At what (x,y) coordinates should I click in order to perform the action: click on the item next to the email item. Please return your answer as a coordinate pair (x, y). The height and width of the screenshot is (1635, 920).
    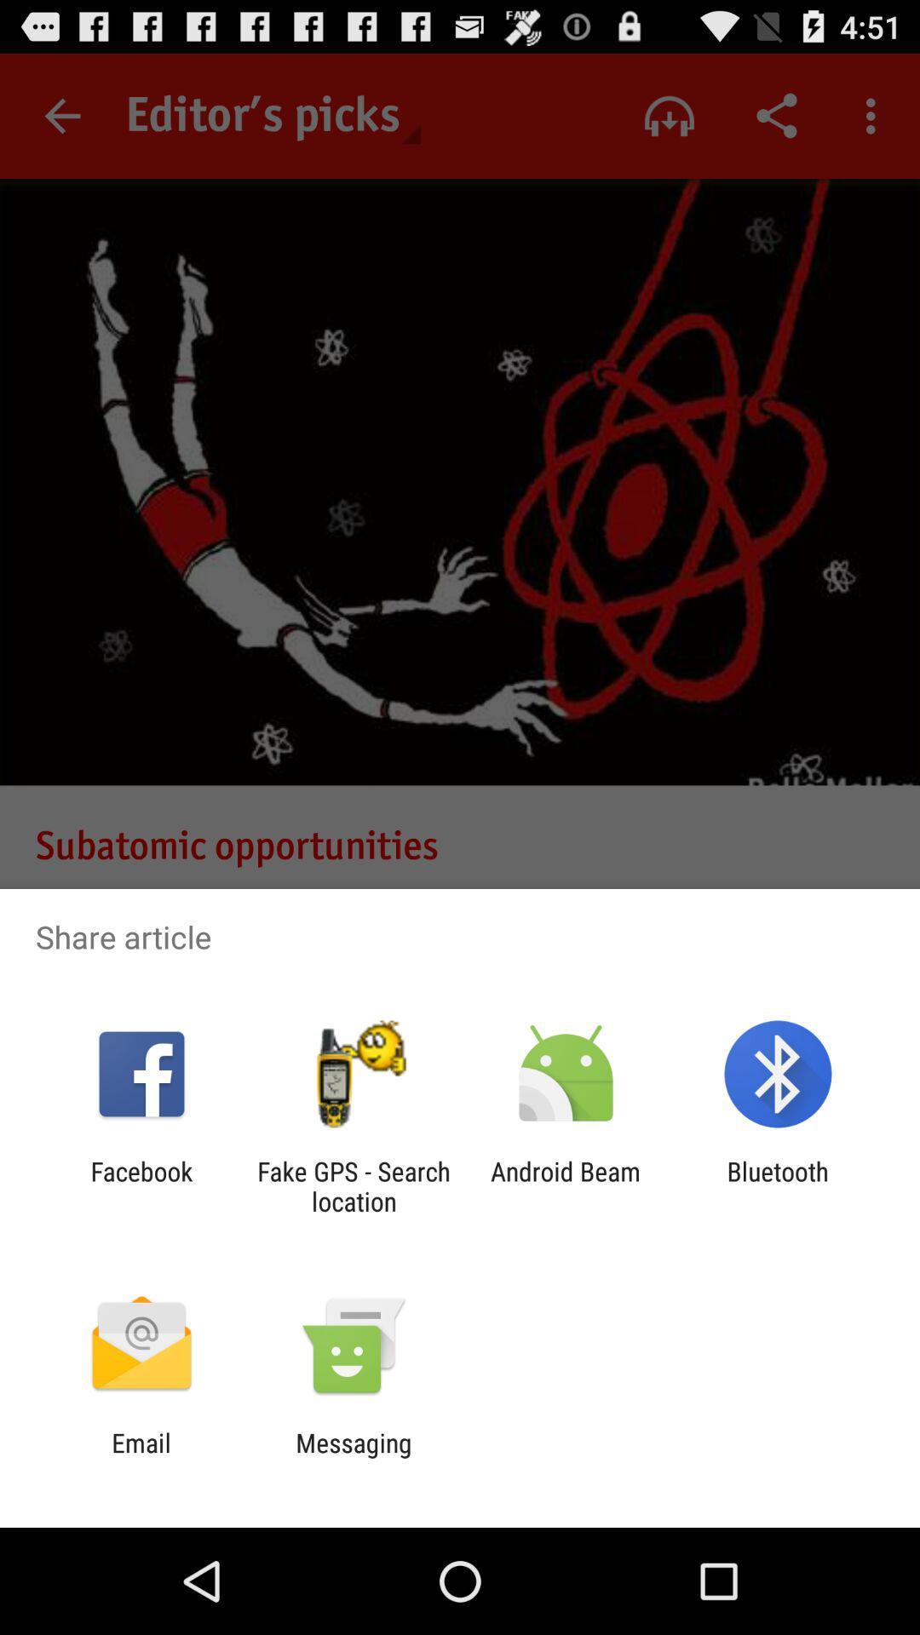
    Looking at the image, I should click on (353, 1457).